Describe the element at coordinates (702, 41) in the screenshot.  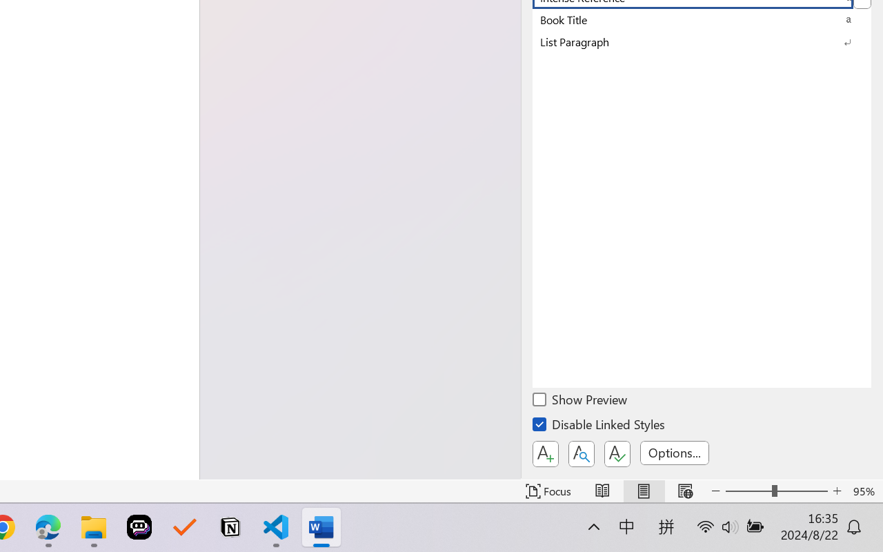
I see `'List Paragraph'` at that location.